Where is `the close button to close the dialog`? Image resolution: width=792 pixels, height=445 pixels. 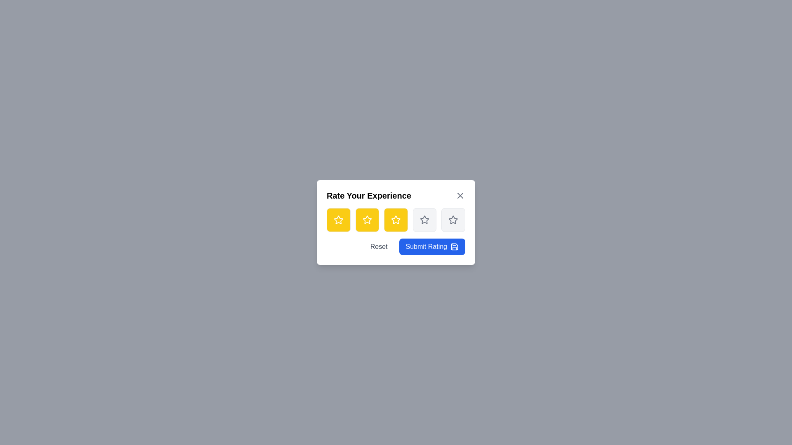
the close button to close the dialog is located at coordinates (460, 195).